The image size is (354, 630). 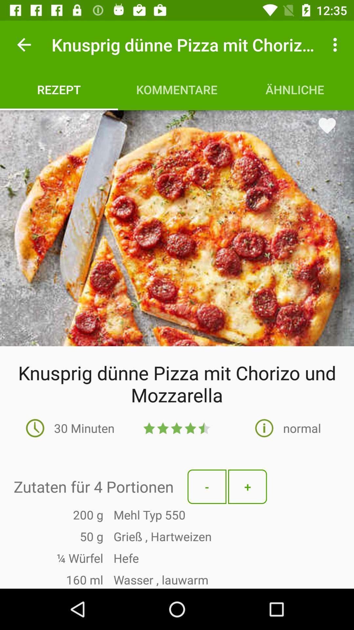 What do you see at coordinates (24, 44) in the screenshot?
I see `the item above rezept item` at bounding box center [24, 44].